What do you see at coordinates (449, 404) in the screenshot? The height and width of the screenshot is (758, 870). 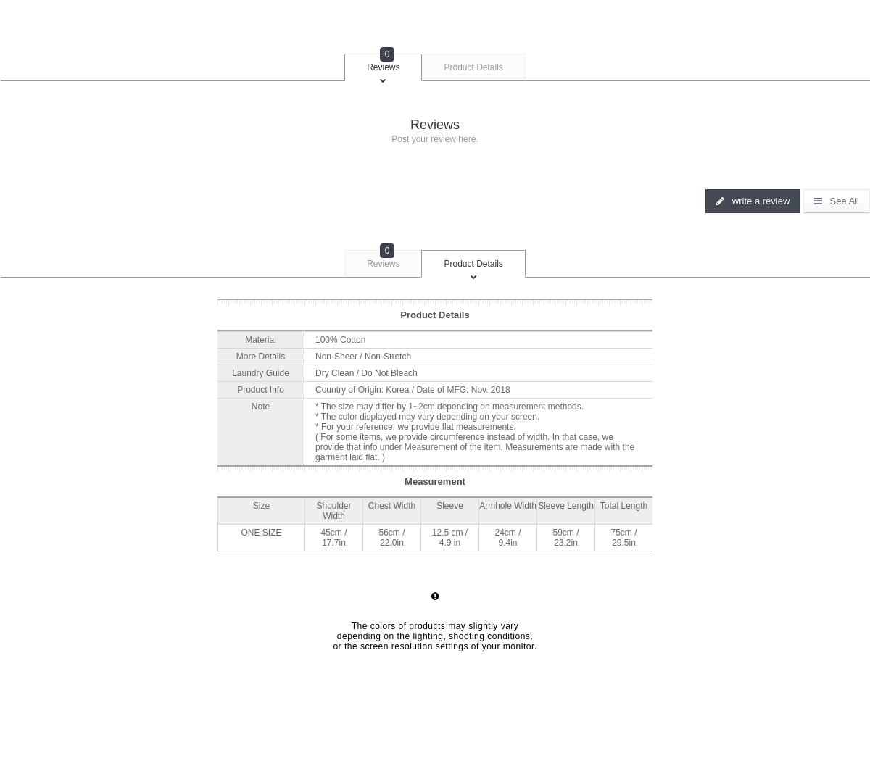 I see `'* The size may differ by 1~2cm depending on measurement methods.'` at bounding box center [449, 404].